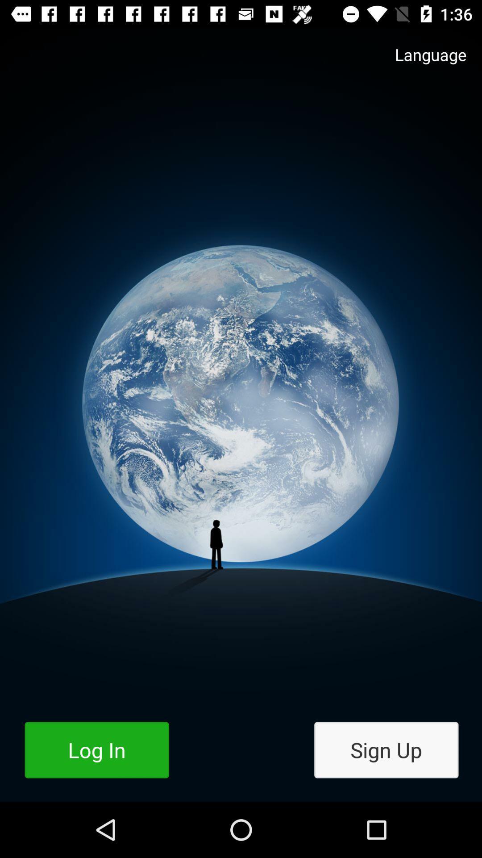  What do you see at coordinates (97, 750) in the screenshot?
I see `icon to the left of sign up` at bounding box center [97, 750].